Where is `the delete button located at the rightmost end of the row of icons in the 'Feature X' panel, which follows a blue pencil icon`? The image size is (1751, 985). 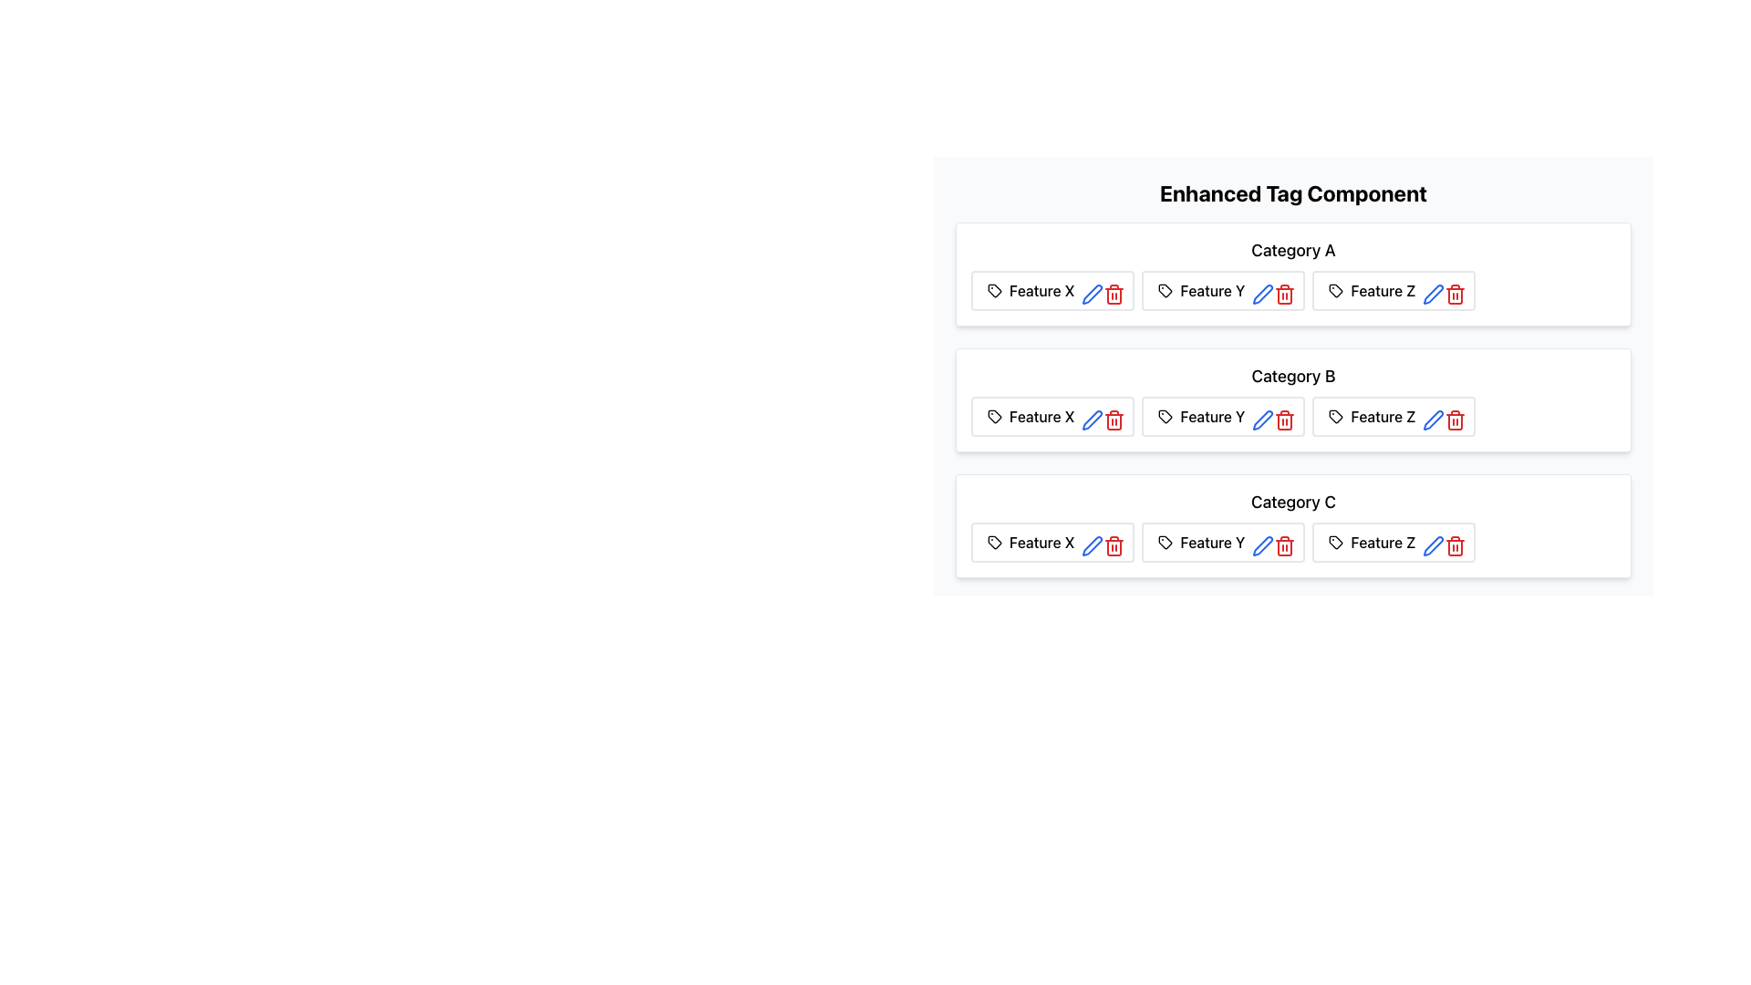 the delete button located at the rightmost end of the row of icons in the 'Feature X' panel, which follows a blue pencil icon is located at coordinates (1110, 541).